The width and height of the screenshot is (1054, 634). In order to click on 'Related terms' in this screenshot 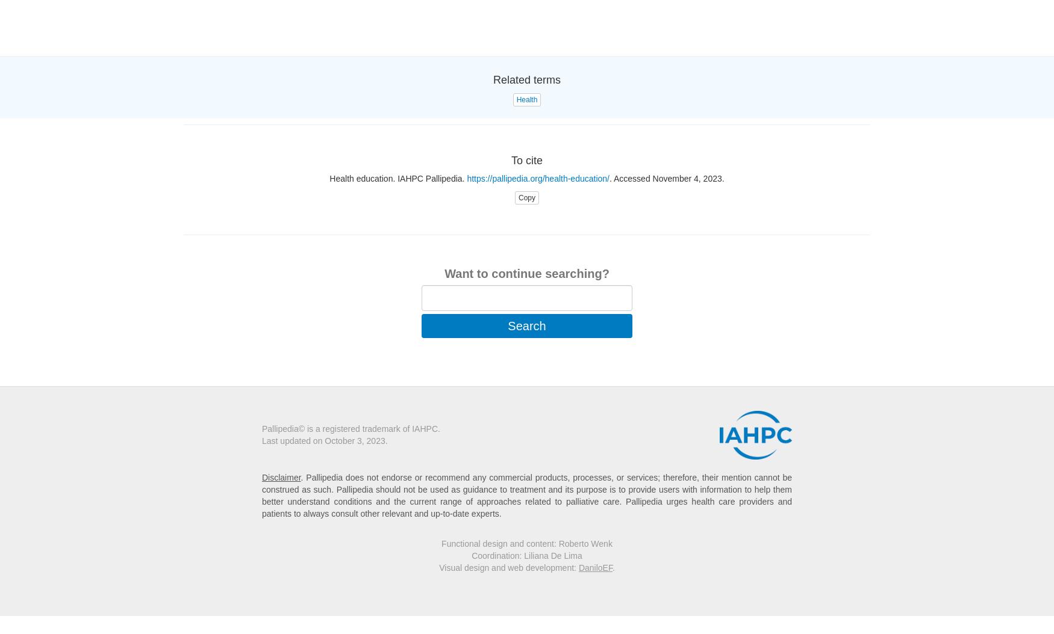, I will do `click(526, 80)`.